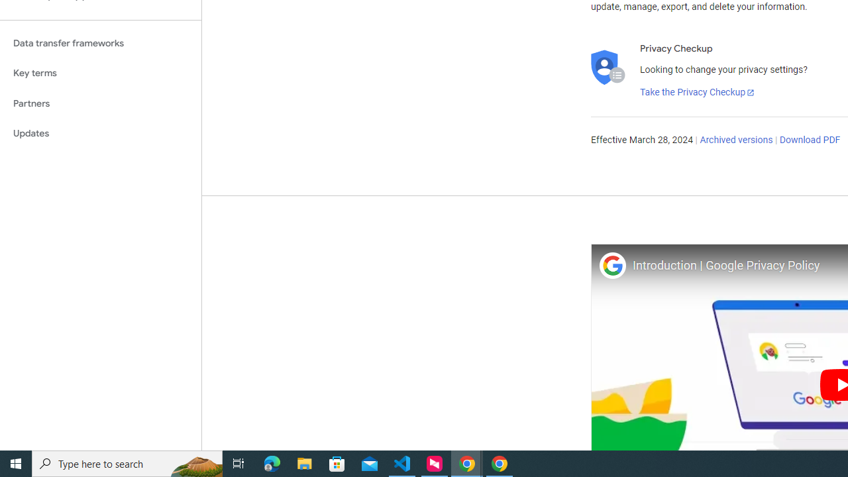  Describe the element at coordinates (697, 92) in the screenshot. I see `'Take the Privacy Checkup'` at that location.